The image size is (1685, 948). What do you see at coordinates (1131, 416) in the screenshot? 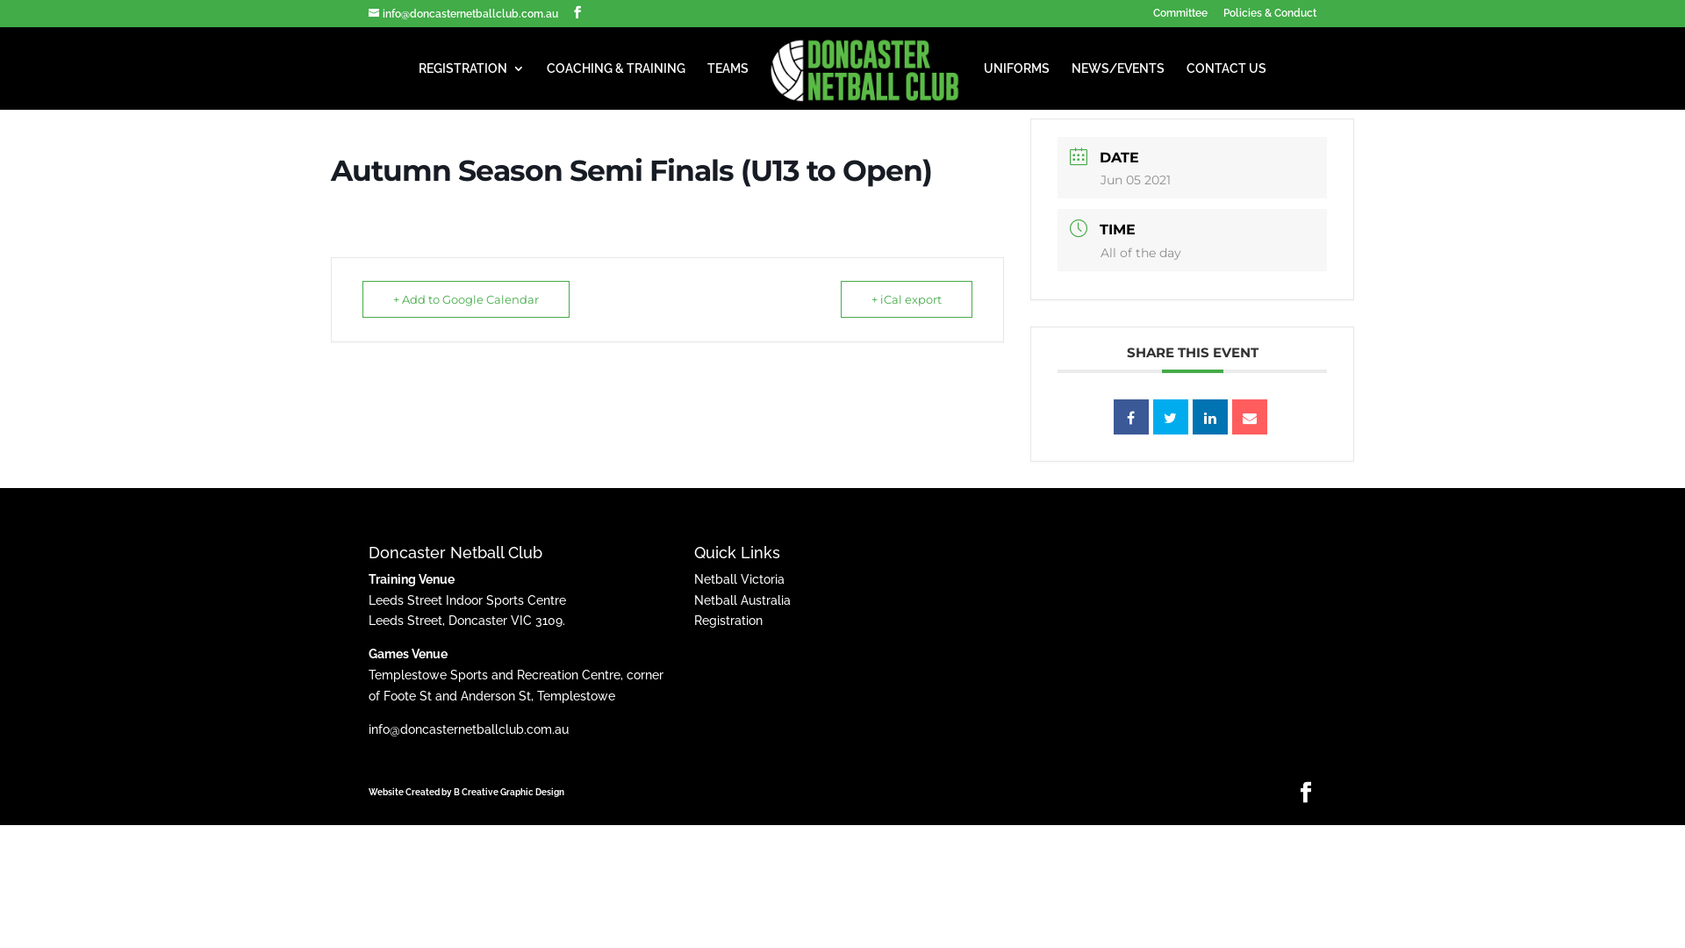
I see `'Share on Facebook'` at bounding box center [1131, 416].